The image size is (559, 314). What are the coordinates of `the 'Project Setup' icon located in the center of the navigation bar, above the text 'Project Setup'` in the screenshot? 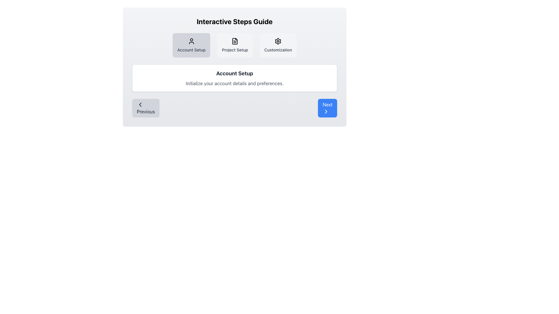 It's located at (235, 41).